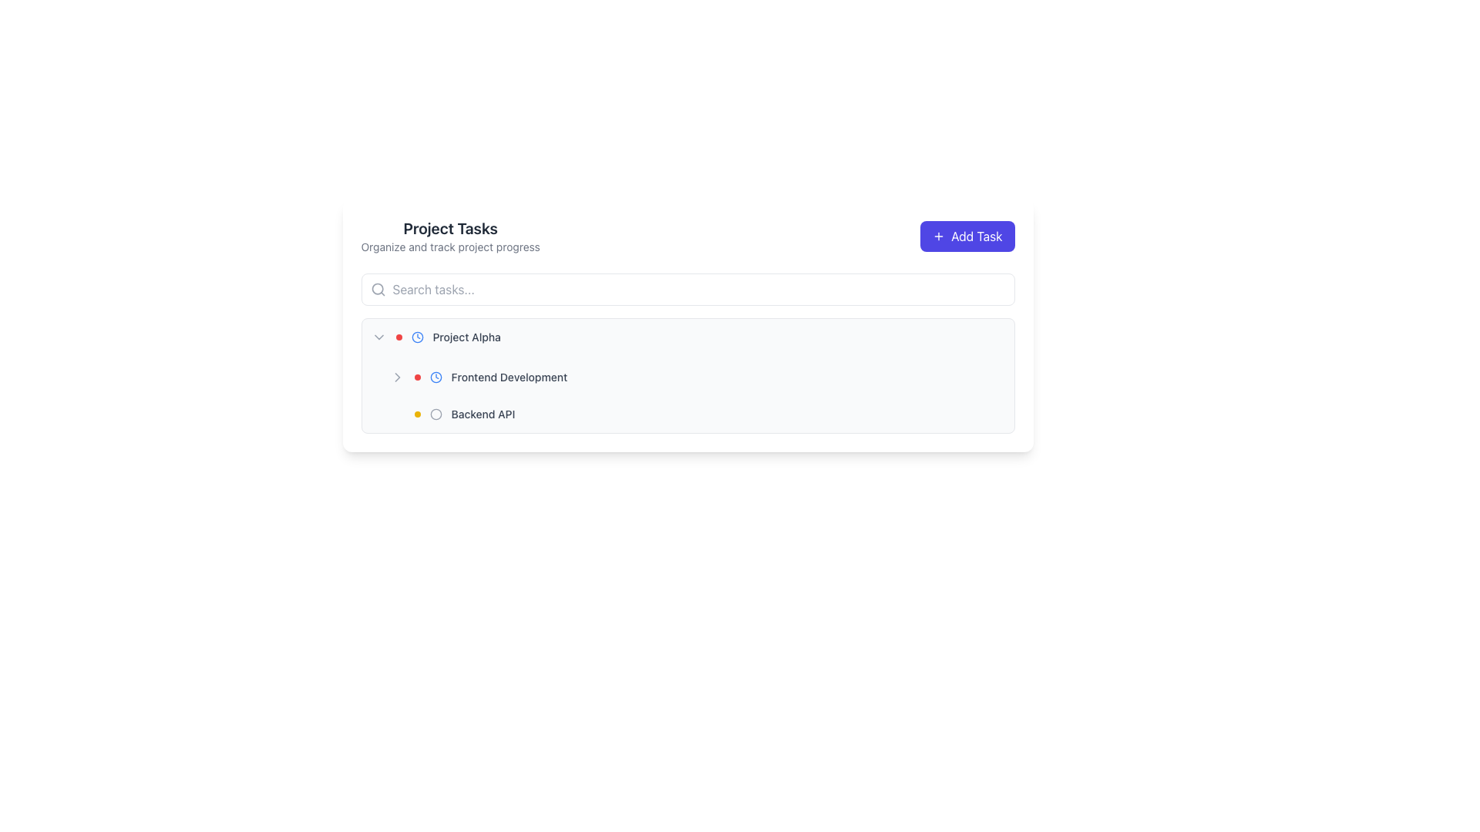 This screenshot has height=832, width=1480. I want to click on the context of the text label that serves as a task identifier within the project management interface, specifically as the third task item under 'Frontend Development', so click(483, 413).